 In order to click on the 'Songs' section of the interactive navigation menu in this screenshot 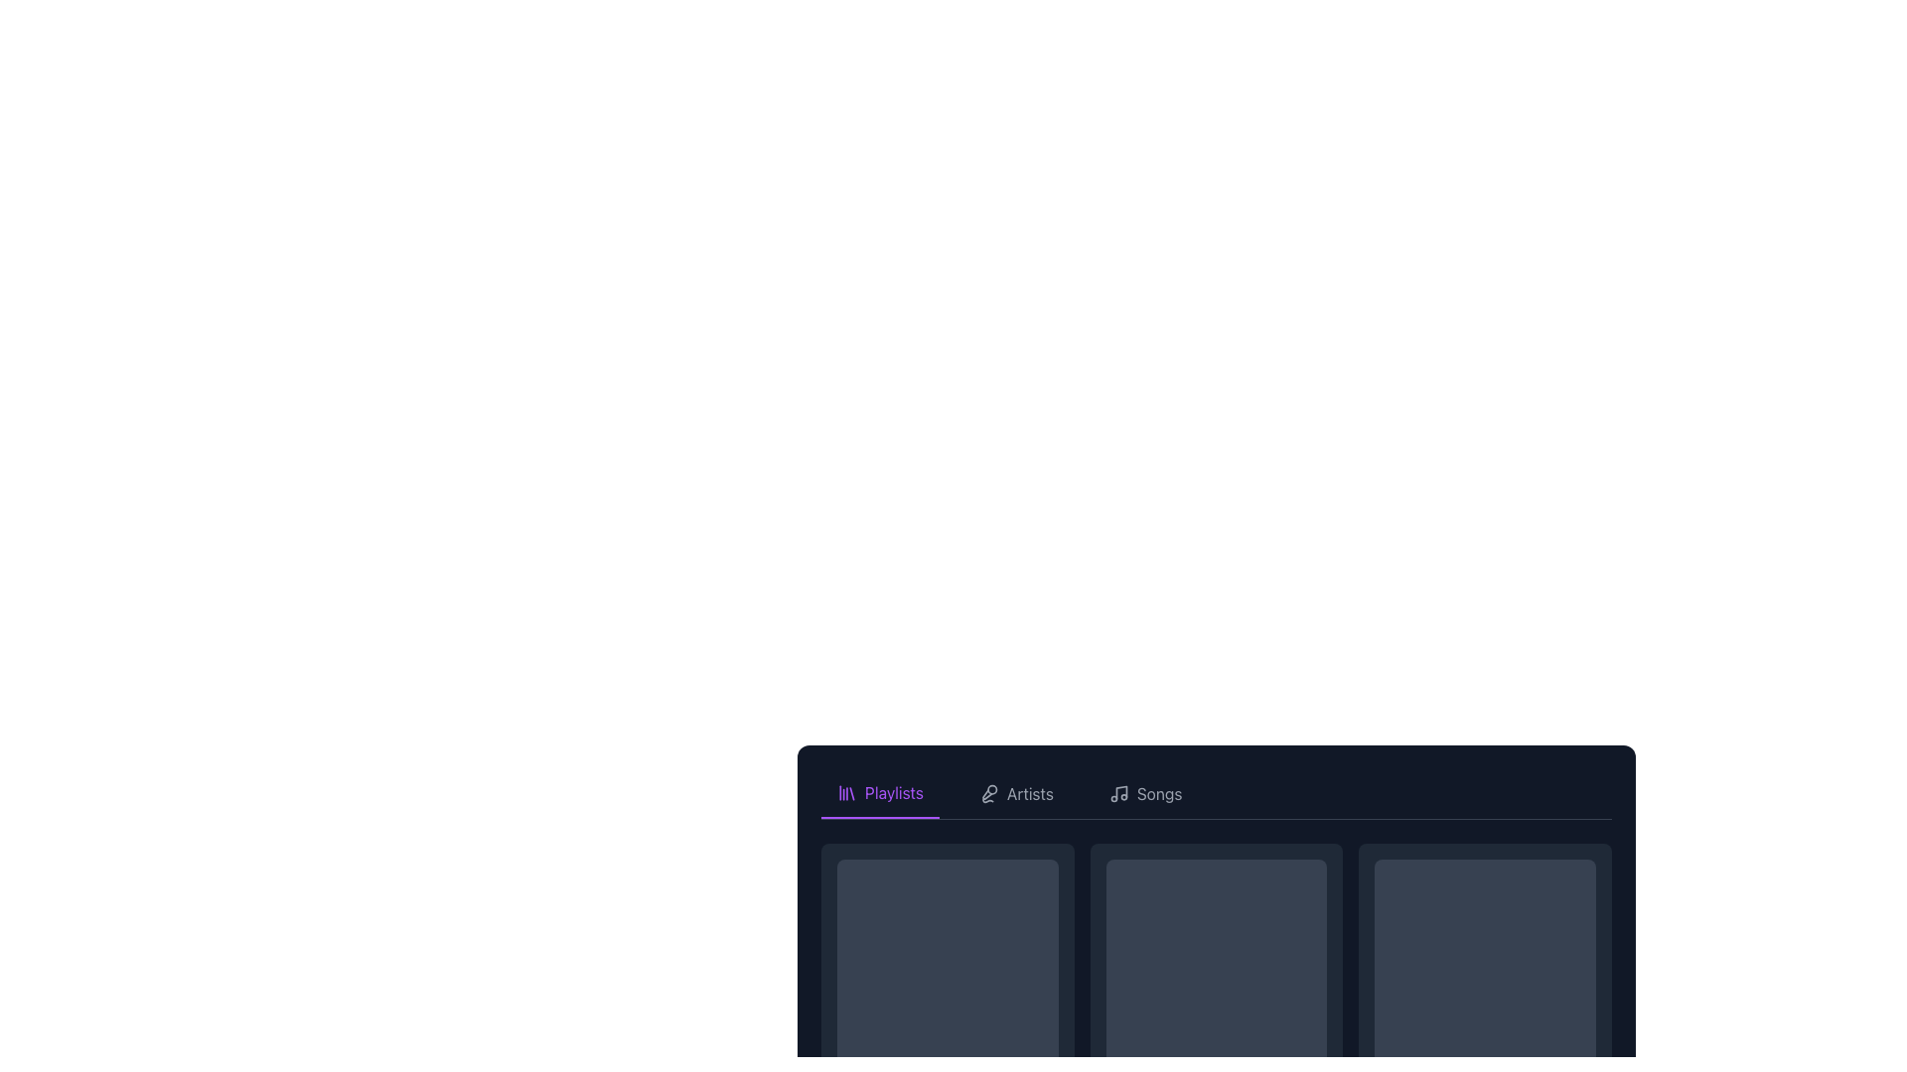, I will do `click(1145, 792)`.